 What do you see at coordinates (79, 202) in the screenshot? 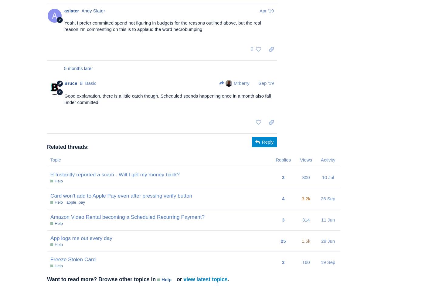
I see `'pay'` at bounding box center [79, 202].